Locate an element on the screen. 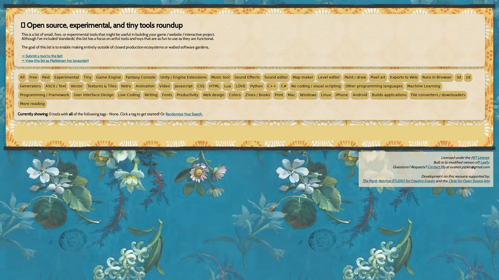 The image size is (499, 280). 3d is located at coordinates (459, 77).